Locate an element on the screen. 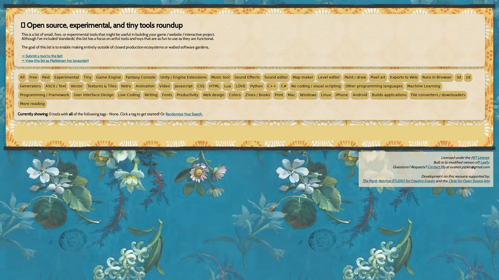 The image size is (499, 280). 3d is located at coordinates (459, 77).